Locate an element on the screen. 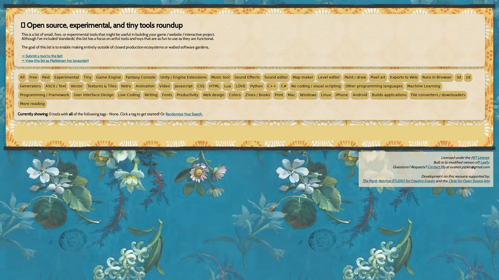 The image size is (499, 280). 3d is located at coordinates (459, 77).